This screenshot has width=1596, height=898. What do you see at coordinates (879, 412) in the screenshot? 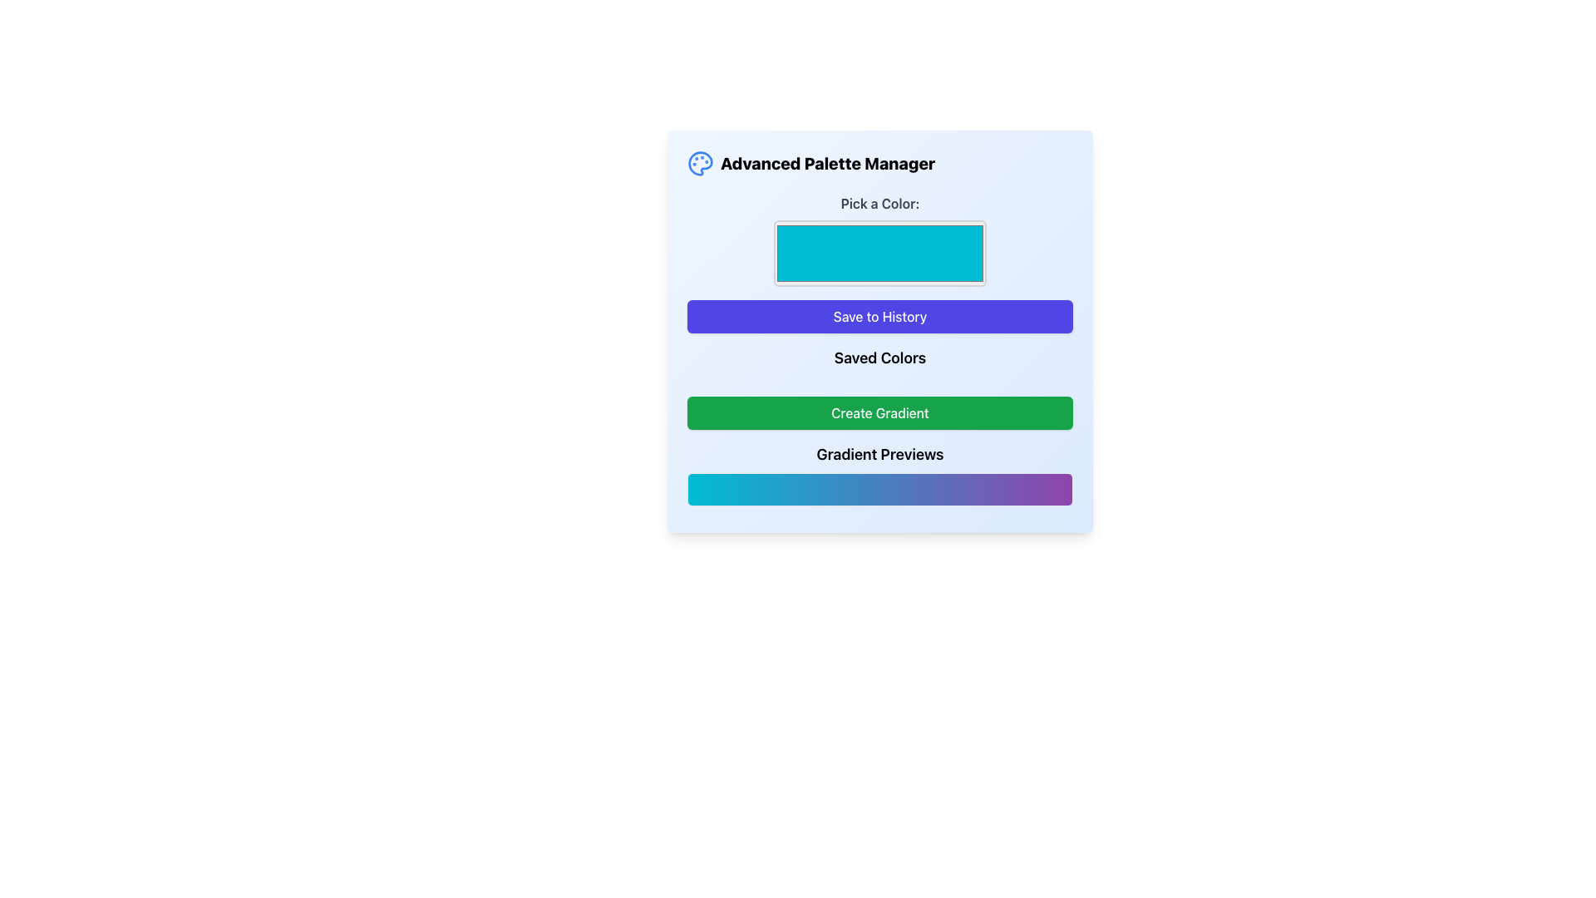
I see `the rectangular button with a green background and white text label 'Create Gradient'` at bounding box center [879, 412].